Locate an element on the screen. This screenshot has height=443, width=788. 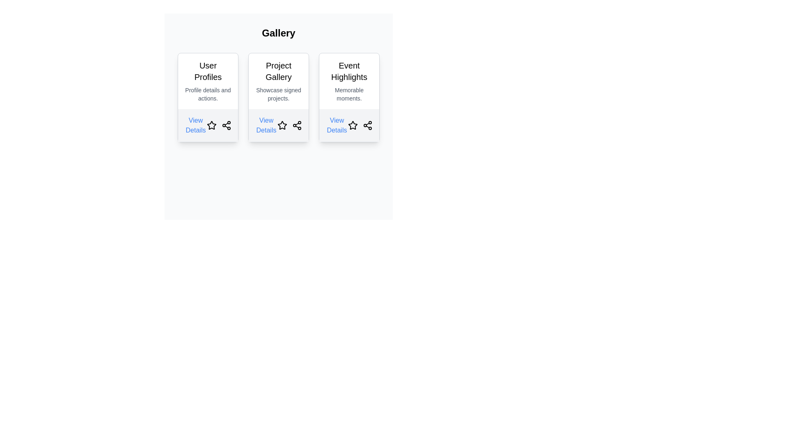
the Textual content block displaying the category heading 'Project Gallery' and its description 'Showcase signed projects.' located in the middle card under the card grouping labeled 'Gallery' is located at coordinates (278, 81).